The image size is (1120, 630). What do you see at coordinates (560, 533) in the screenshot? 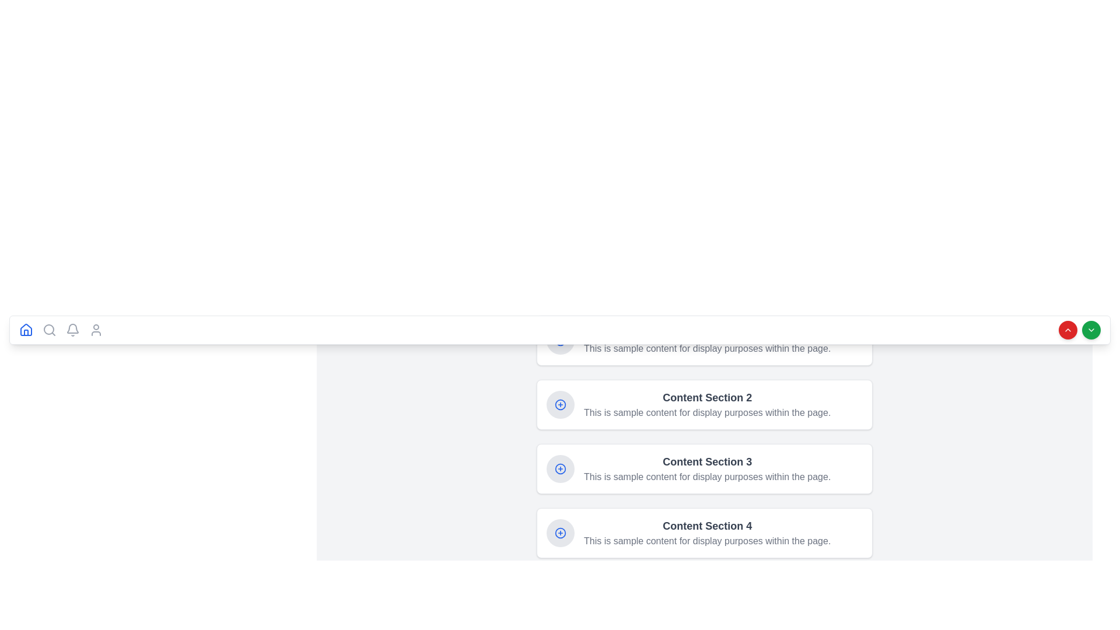
I see `the 'Add' or 'Expand' SVG icon button located in the left side of the row labeled 'Content Section 4'` at bounding box center [560, 533].